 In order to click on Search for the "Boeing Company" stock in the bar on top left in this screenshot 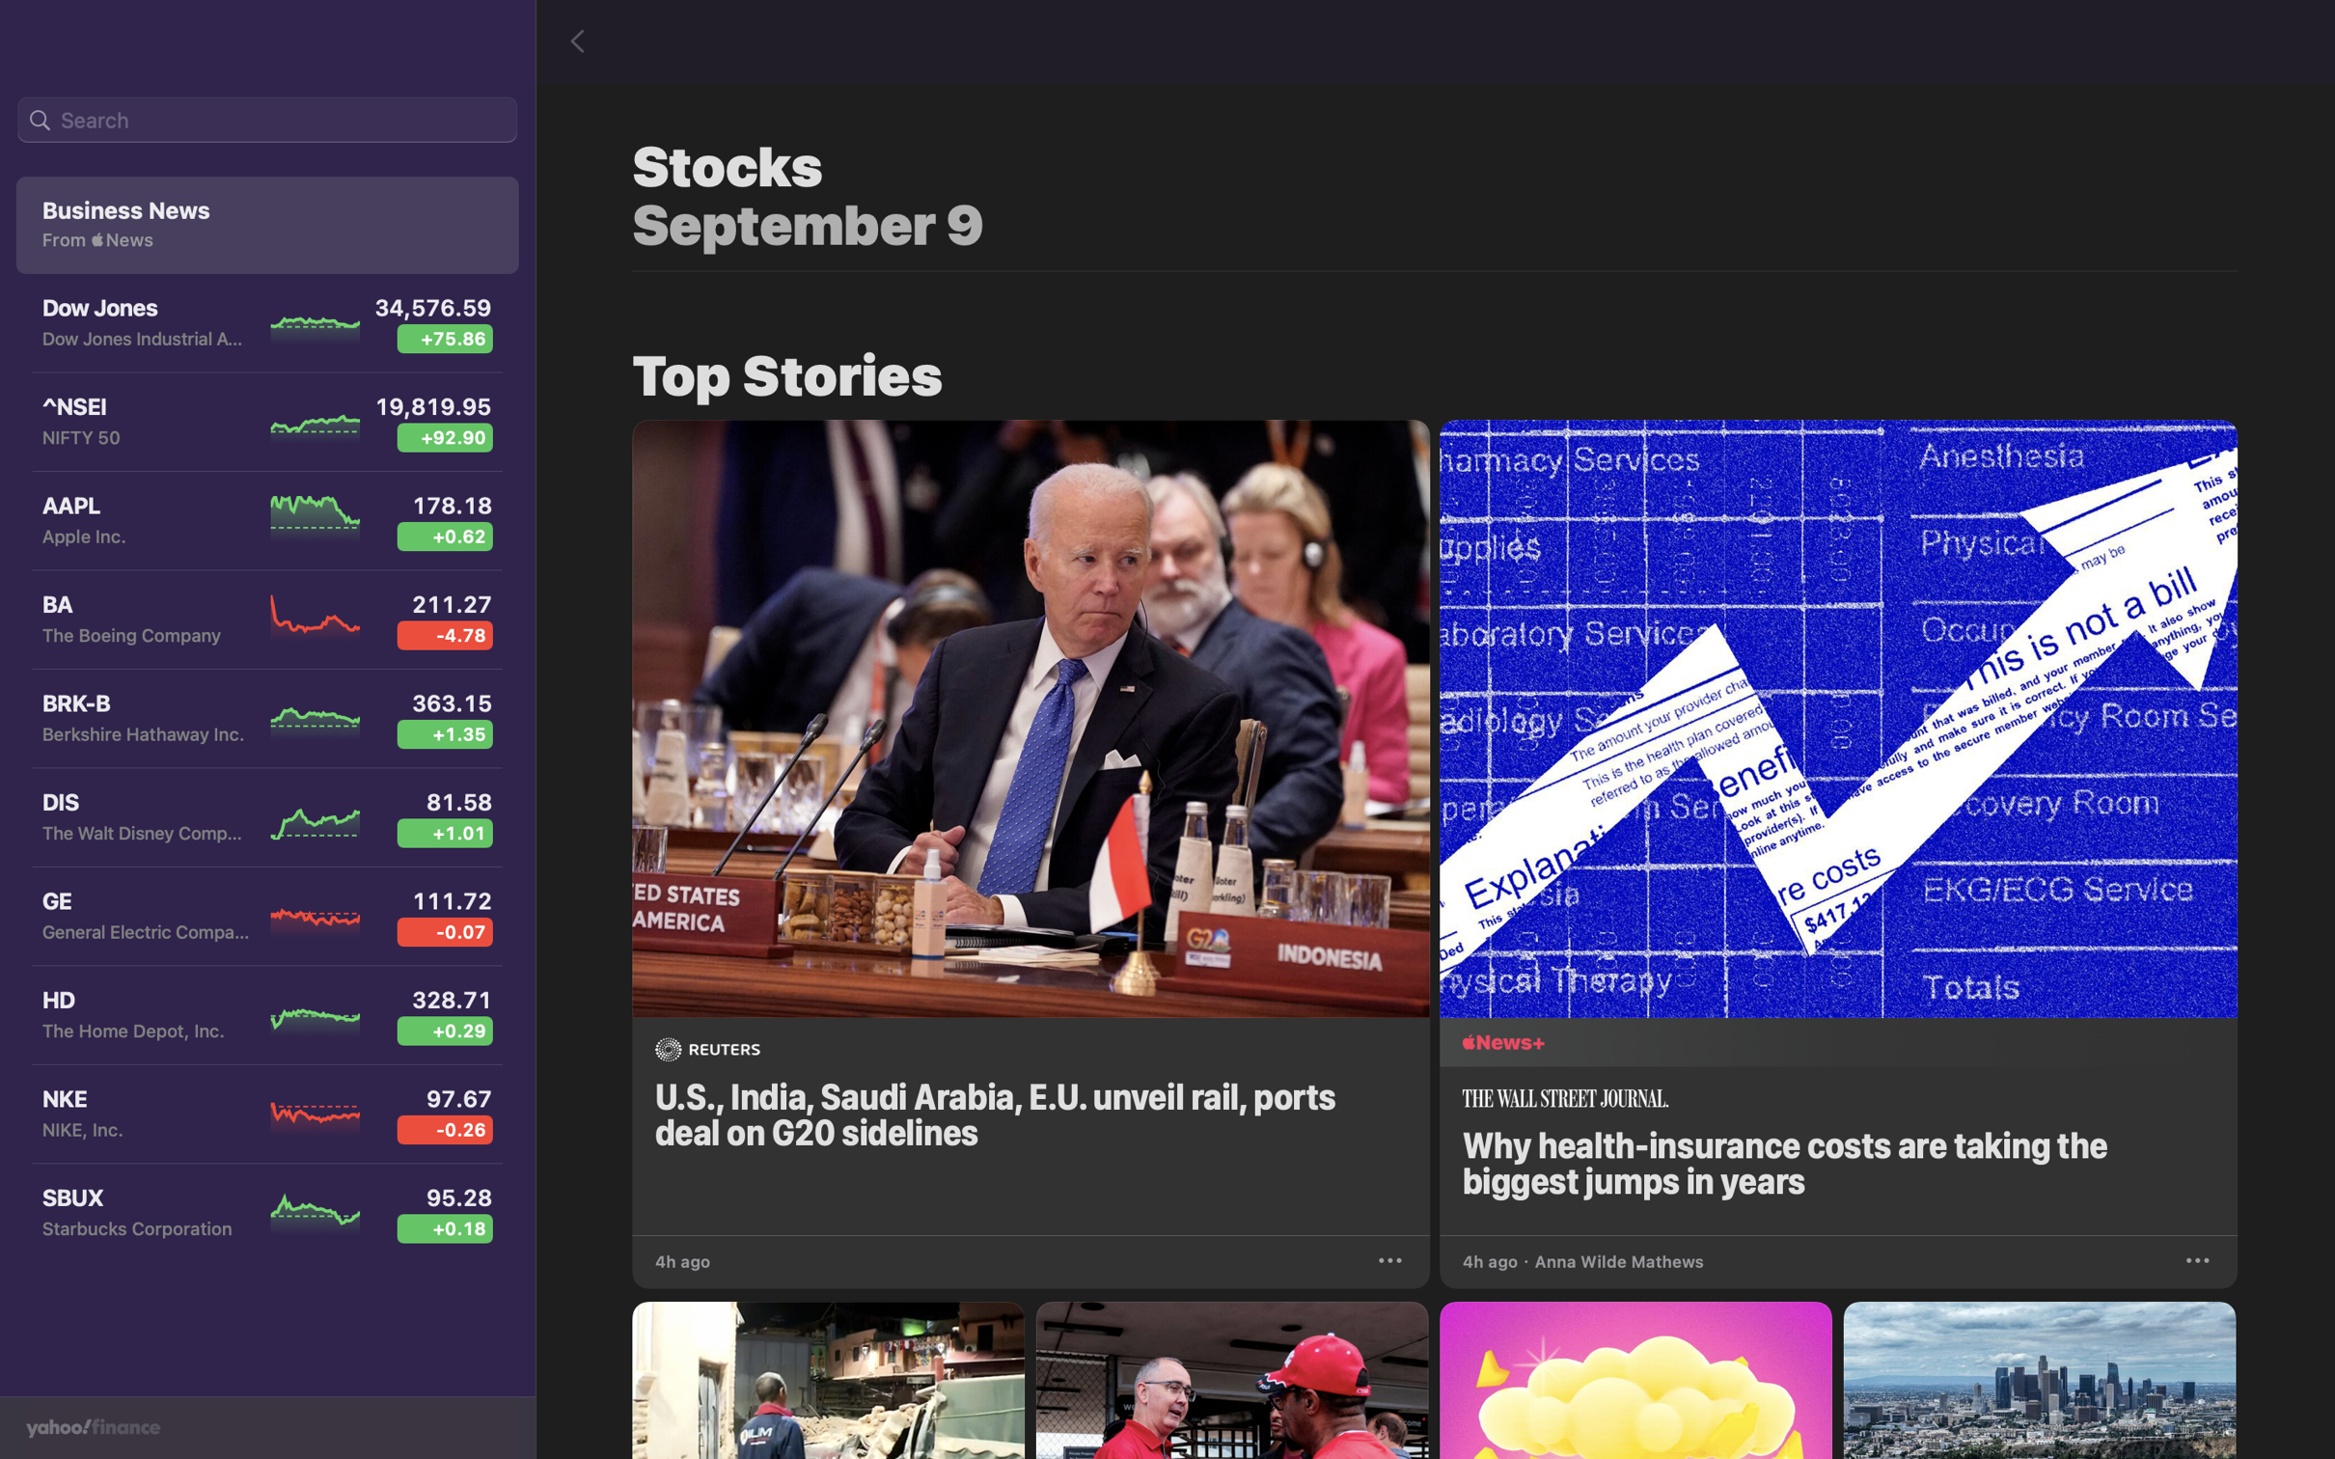, I will do `click(266, 121)`.